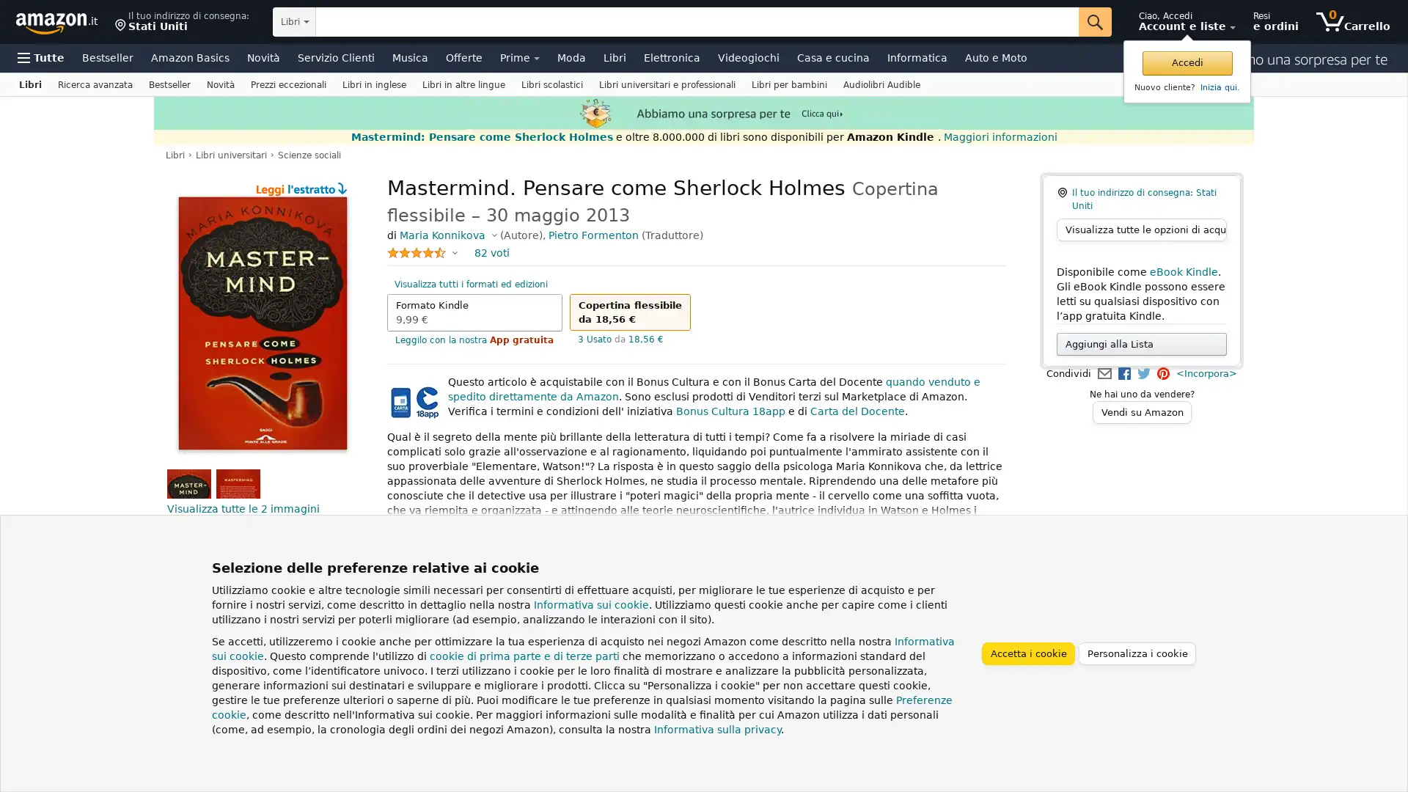 This screenshot has height=792, width=1408. Describe the element at coordinates (1095, 22) in the screenshot. I see `VAI` at that location.